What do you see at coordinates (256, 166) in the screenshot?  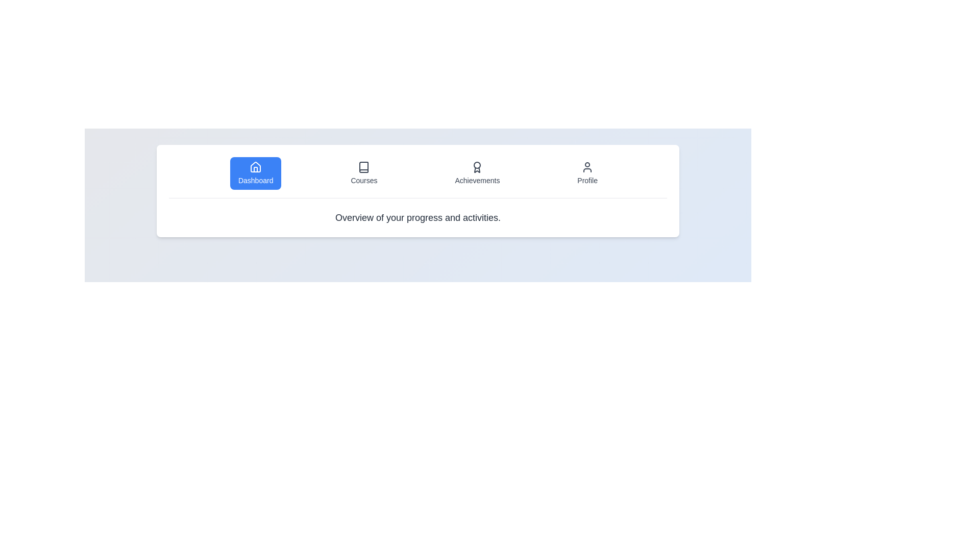 I see `the house icon with a rounded corner style on a blue background, located within the 'Dashboard' button in the navigation bar` at bounding box center [256, 166].